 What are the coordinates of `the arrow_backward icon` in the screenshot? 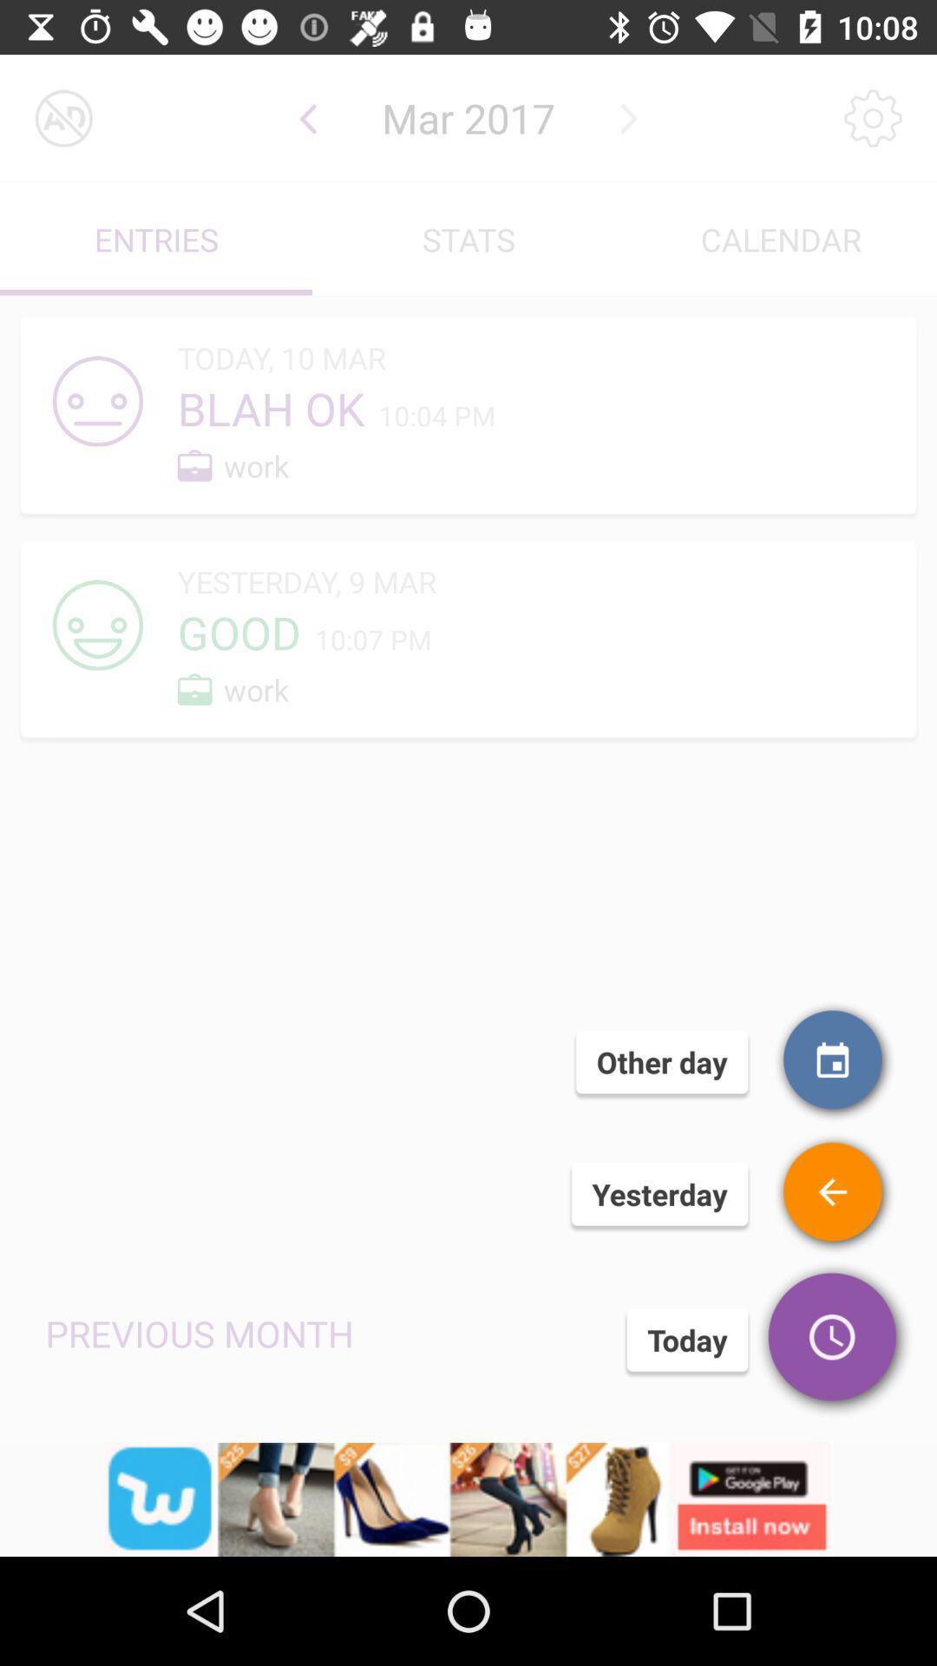 It's located at (307, 117).